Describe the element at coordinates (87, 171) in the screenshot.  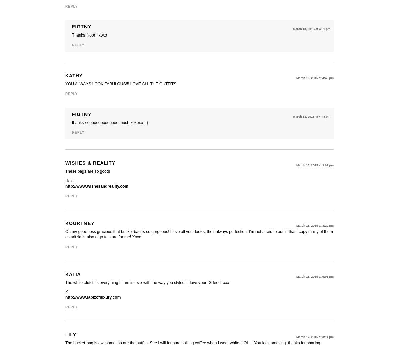
I see `'These bags are so good!'` at that location.